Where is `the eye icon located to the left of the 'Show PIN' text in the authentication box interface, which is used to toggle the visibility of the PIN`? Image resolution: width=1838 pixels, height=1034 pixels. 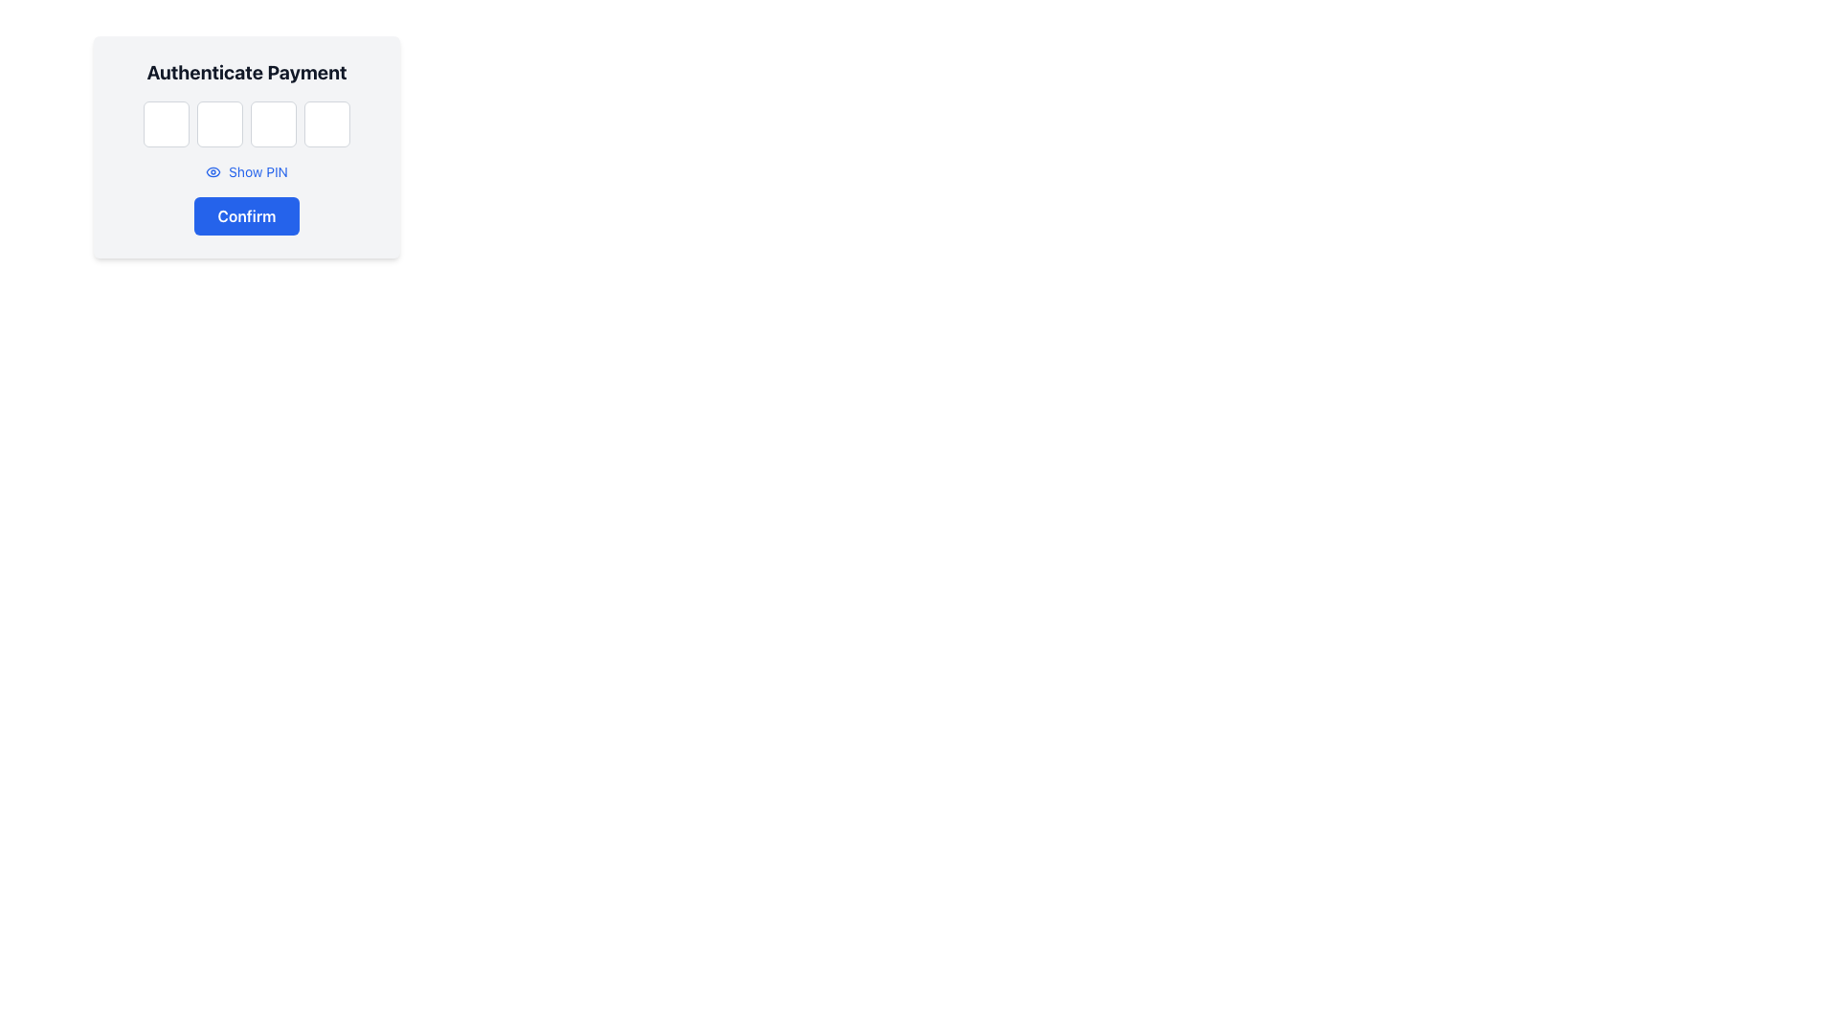 the eye icon located to the left of the 'Show PIN' text in the authentication box interface, which is used to toggle the visibility of the PIN is located at coordinates (213, 172).